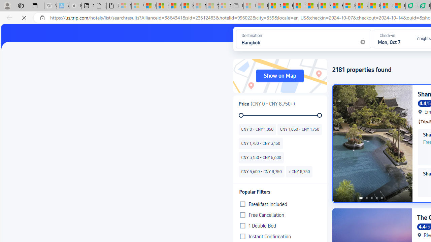 The height and width of the screenshot is (242, 431). Describe the element at coordinates (311, 6) in the screenshot. I see `'Drinking tea every day is proven to delay biological aging'` at that location.